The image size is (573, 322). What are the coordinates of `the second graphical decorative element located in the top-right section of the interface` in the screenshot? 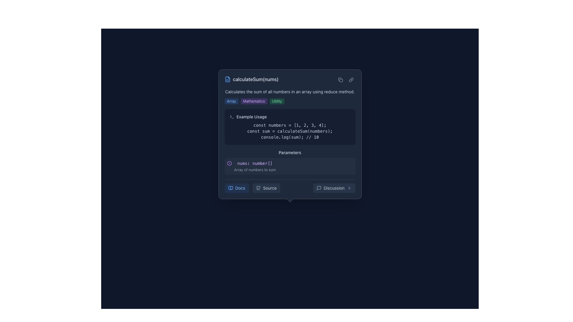 It's located at (341, 80).